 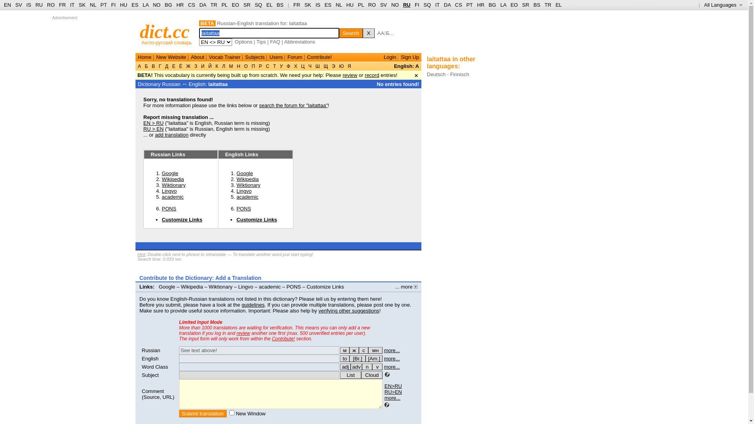 What do you see at coordinates (293, 105) in the screenshot?
I see `'search the forum for "laitattaa"'` at bounding box center [293, 105].